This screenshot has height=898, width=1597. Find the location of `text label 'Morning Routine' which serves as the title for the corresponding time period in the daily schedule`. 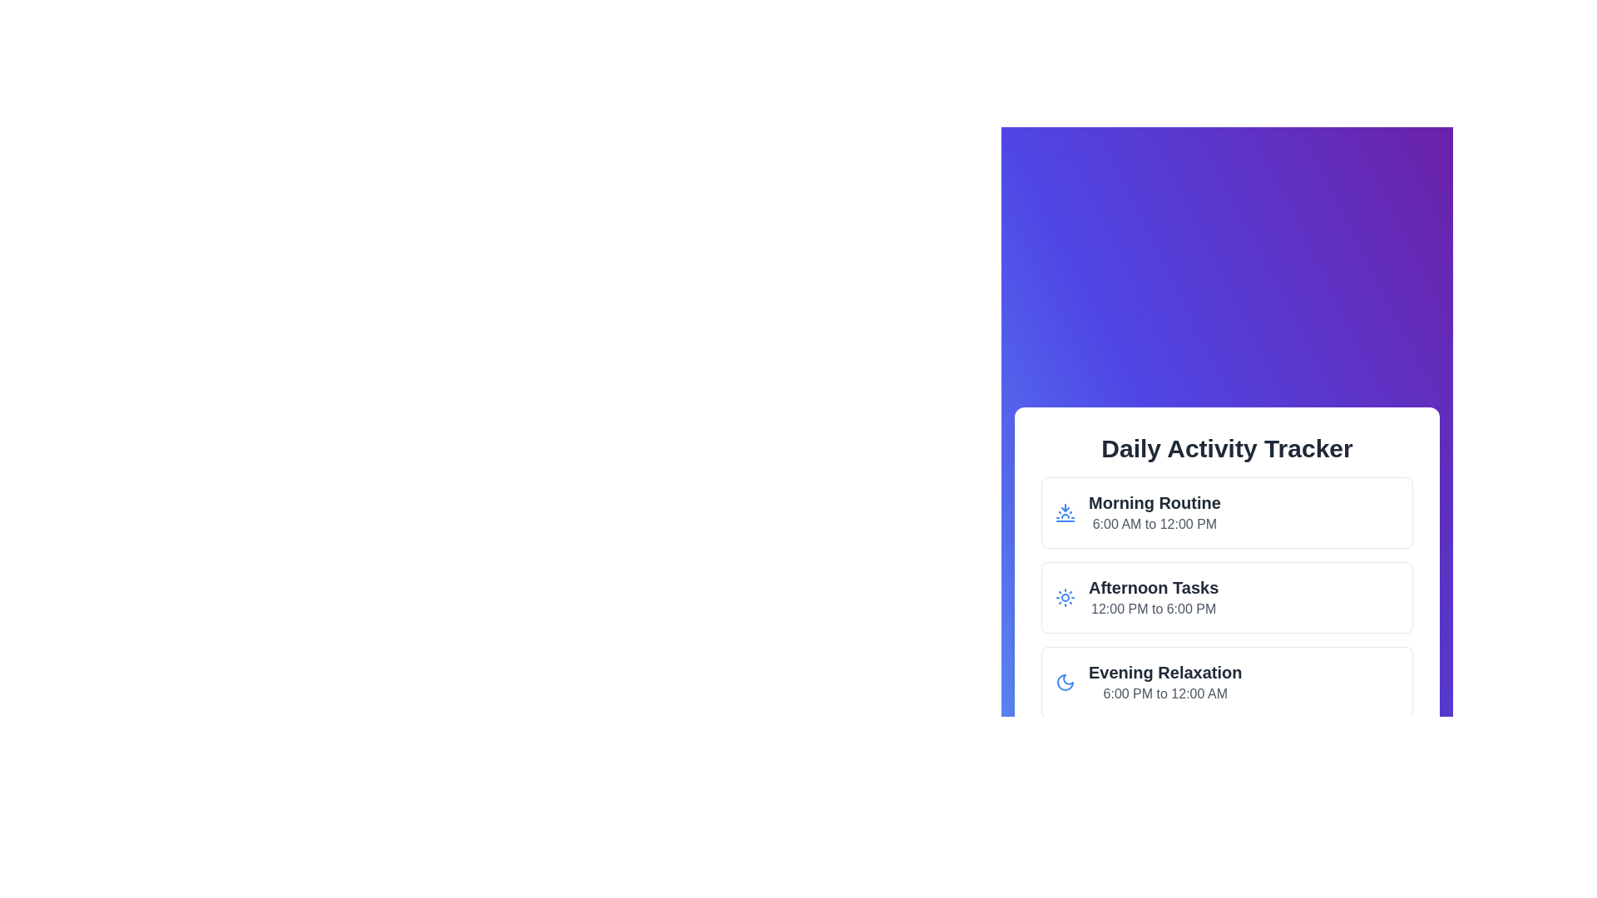

text label 'Morning Routine' which serves as the title for the corresponding time period in the daily schedule is located at coordinates (1154, 502).